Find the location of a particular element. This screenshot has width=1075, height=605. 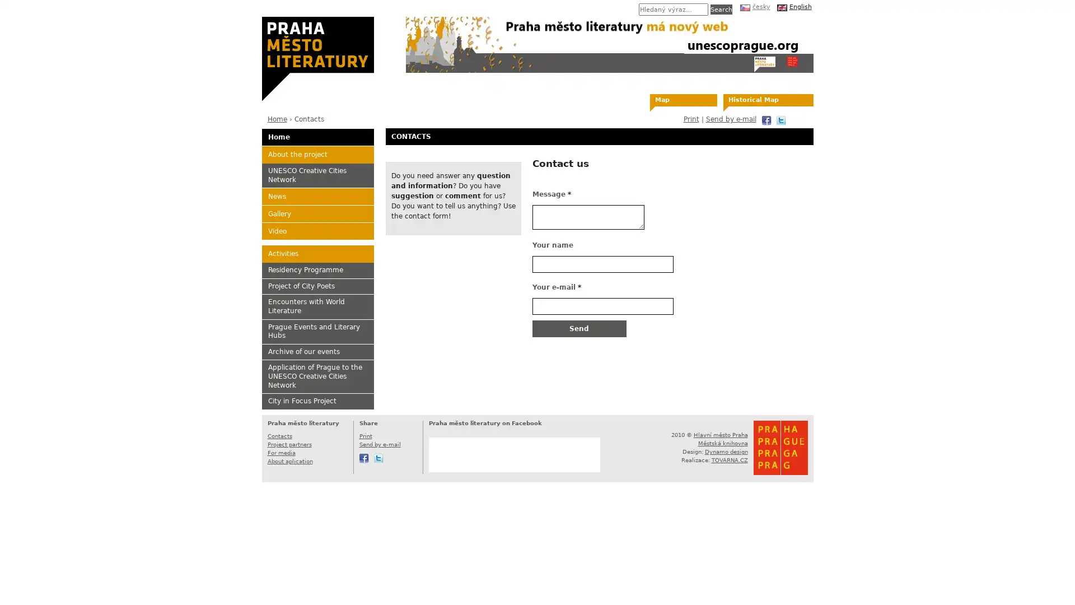

Search is located at coordinates (721, 9).